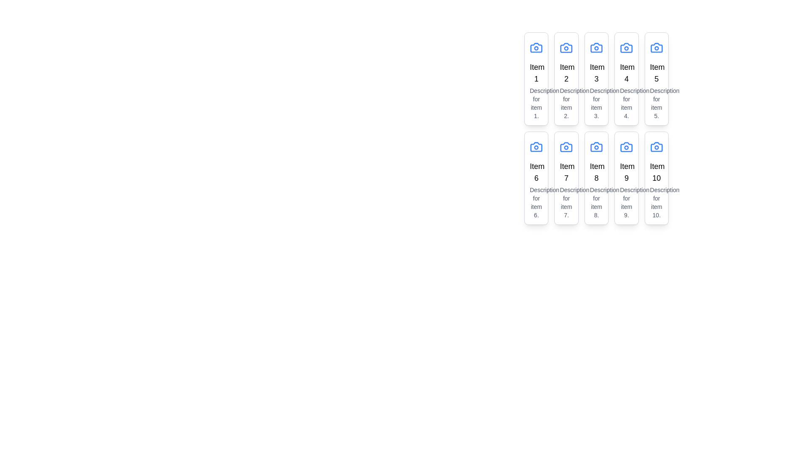 This screenshot has height=454, width=808. Describe the element at coordinates (656, 72) in the screenshot. I see `the textual label that reads 'Item 5', which is styled with a medium-weight font and is centrally located within its card-like structure` at that location.